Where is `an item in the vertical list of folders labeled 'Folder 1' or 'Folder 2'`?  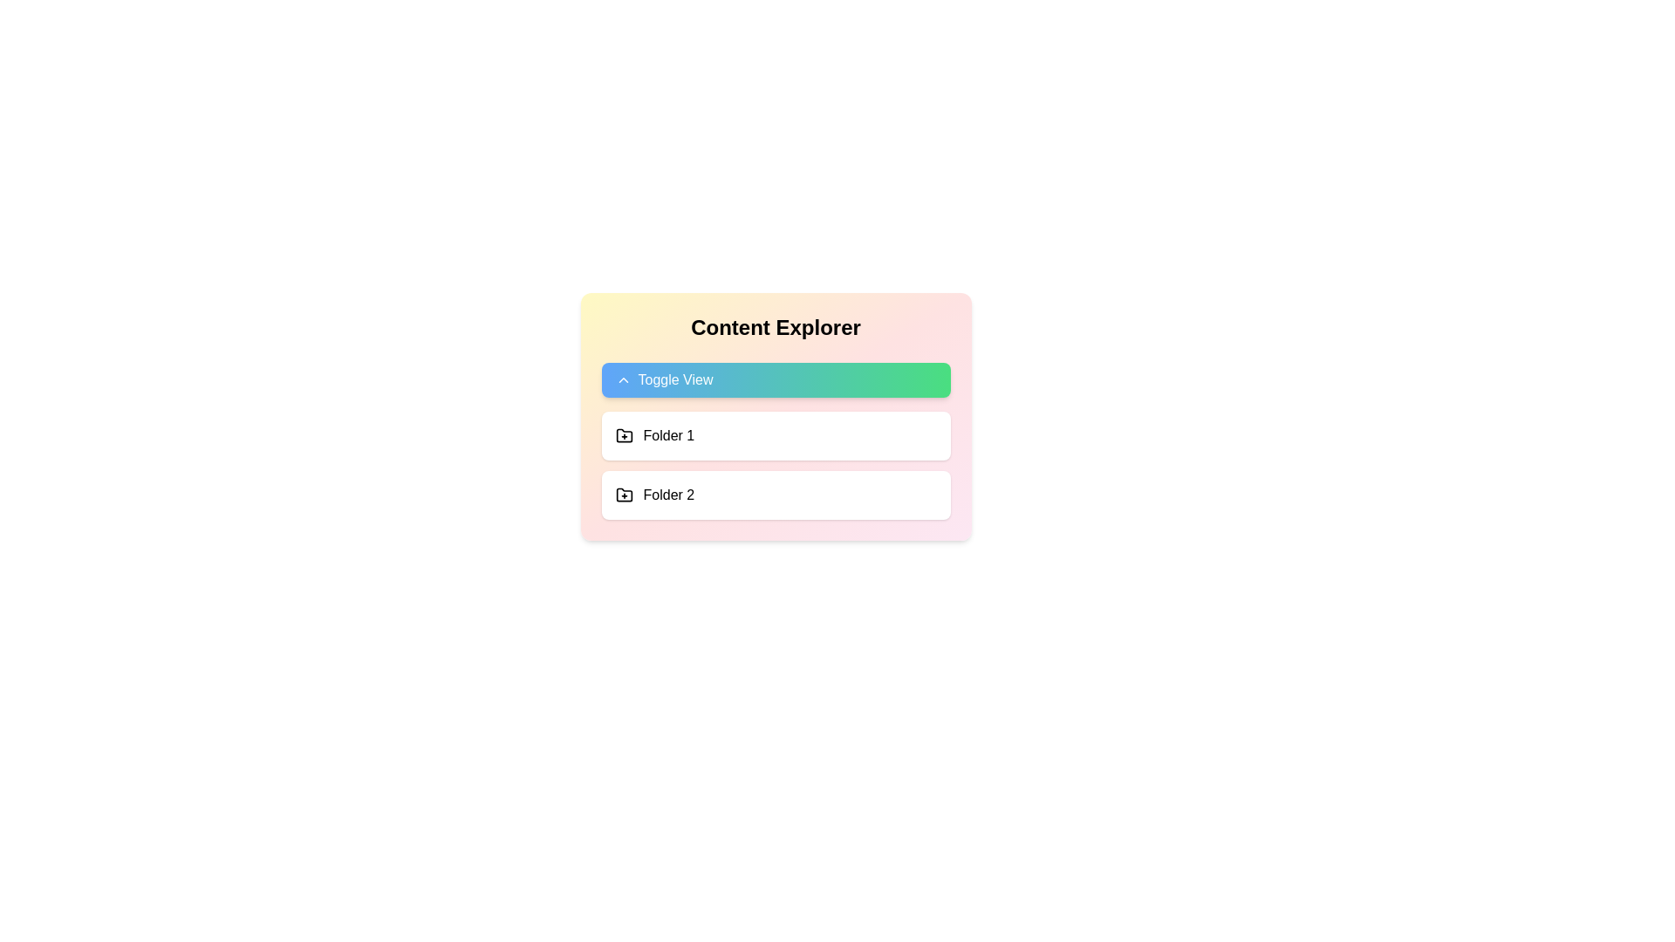 an item in the vertical list of folders labeled 'Folder 1' or 'Folder 2' is located at coordinates (775, 464).